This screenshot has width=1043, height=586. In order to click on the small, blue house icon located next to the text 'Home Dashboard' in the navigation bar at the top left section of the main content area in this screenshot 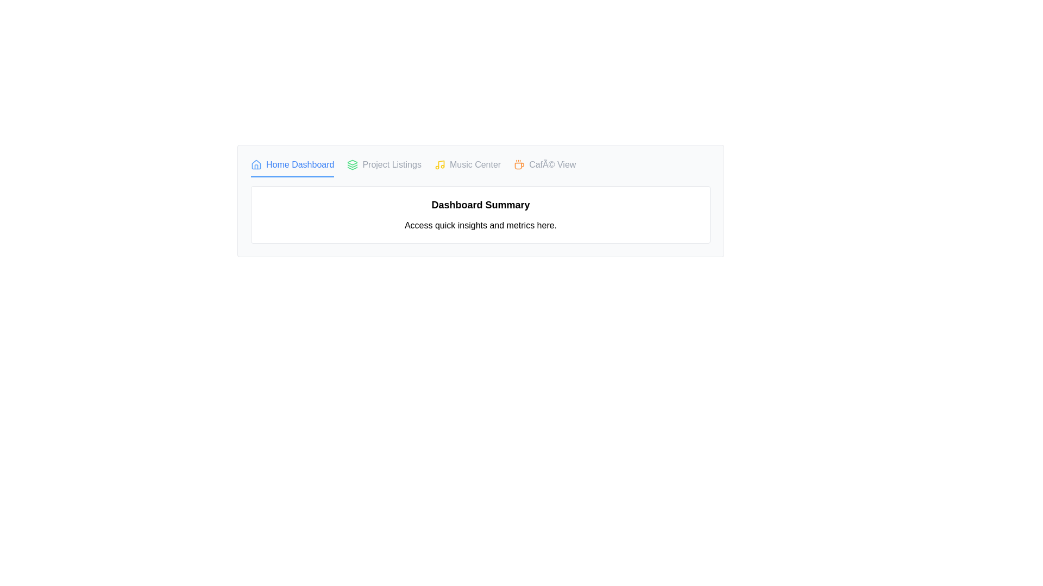, I will do `click(255, 165)`.